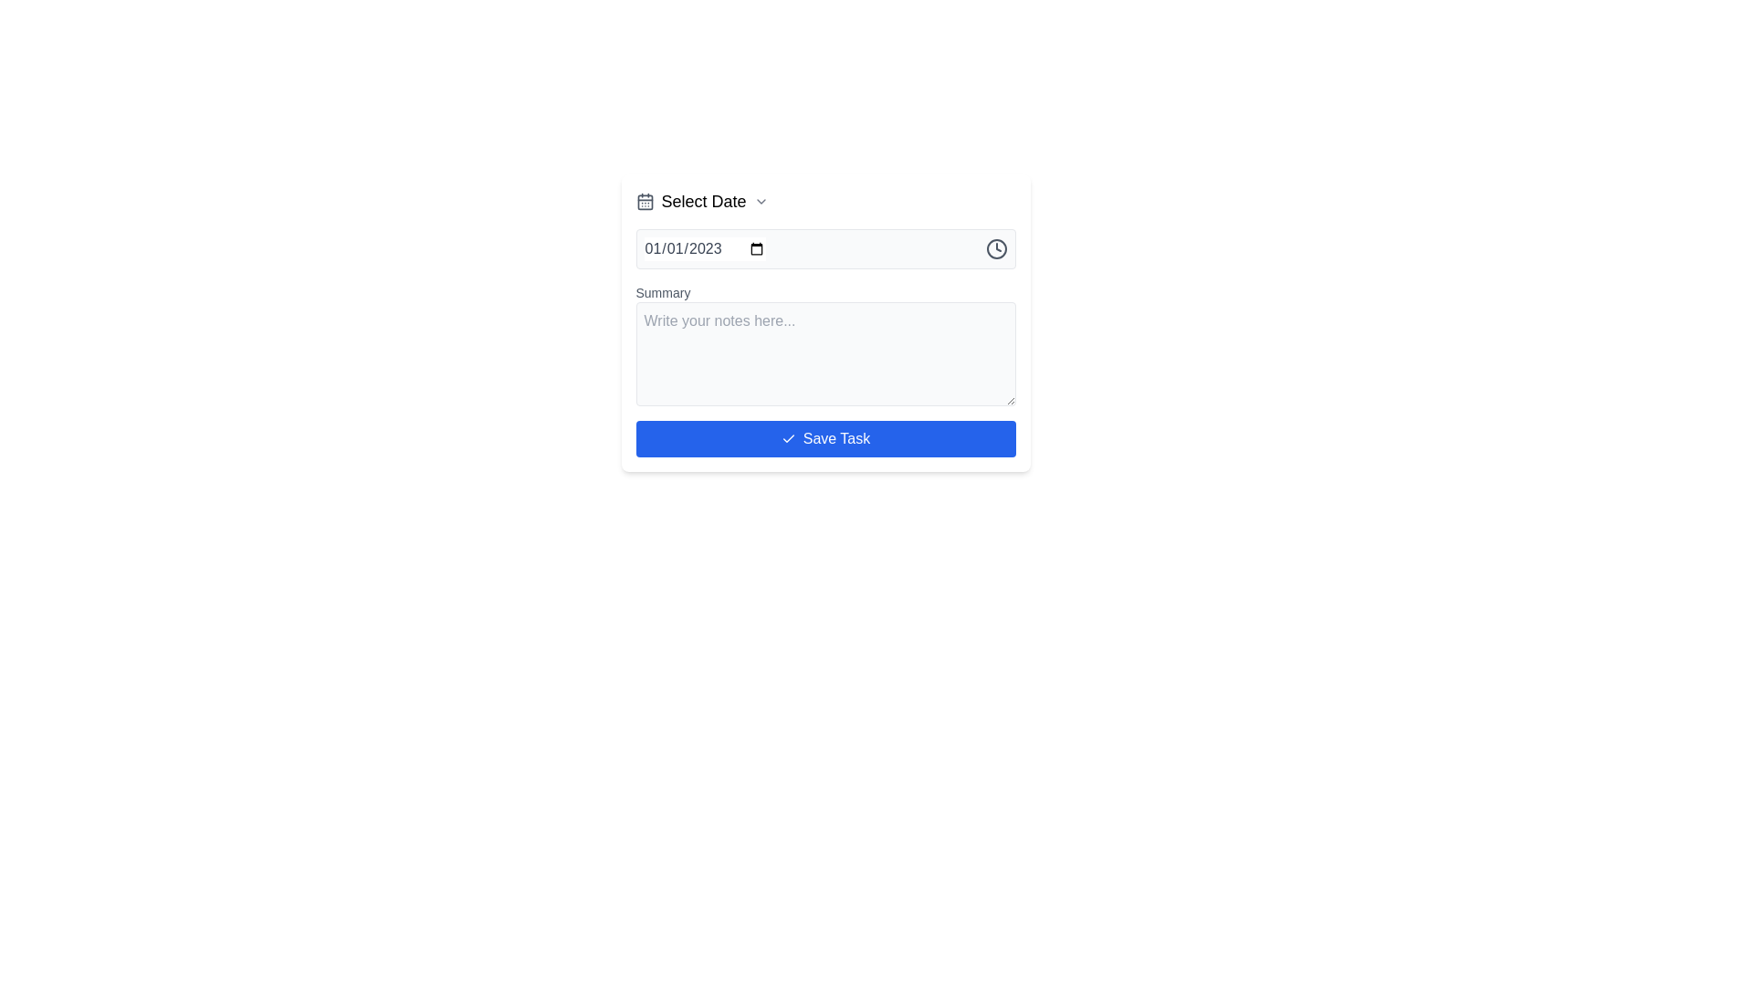 The image size is (1753, 986). I want to click on the date picker in the Date Input Field located below the section header and, so click(704, 249).